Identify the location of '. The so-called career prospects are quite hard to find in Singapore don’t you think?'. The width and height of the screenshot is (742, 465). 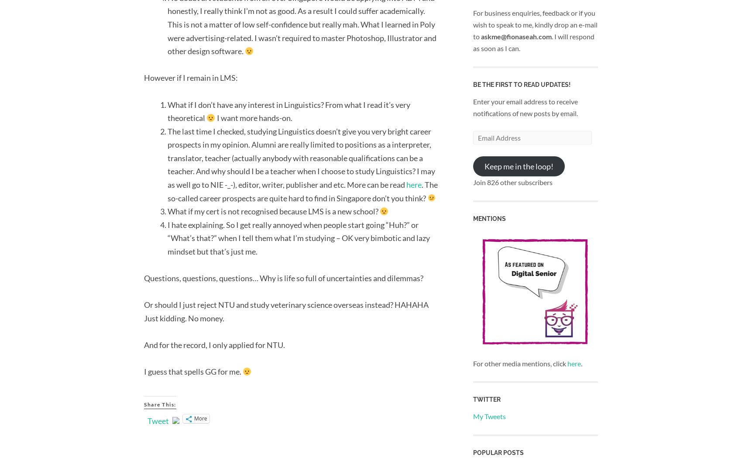
(302, 191).